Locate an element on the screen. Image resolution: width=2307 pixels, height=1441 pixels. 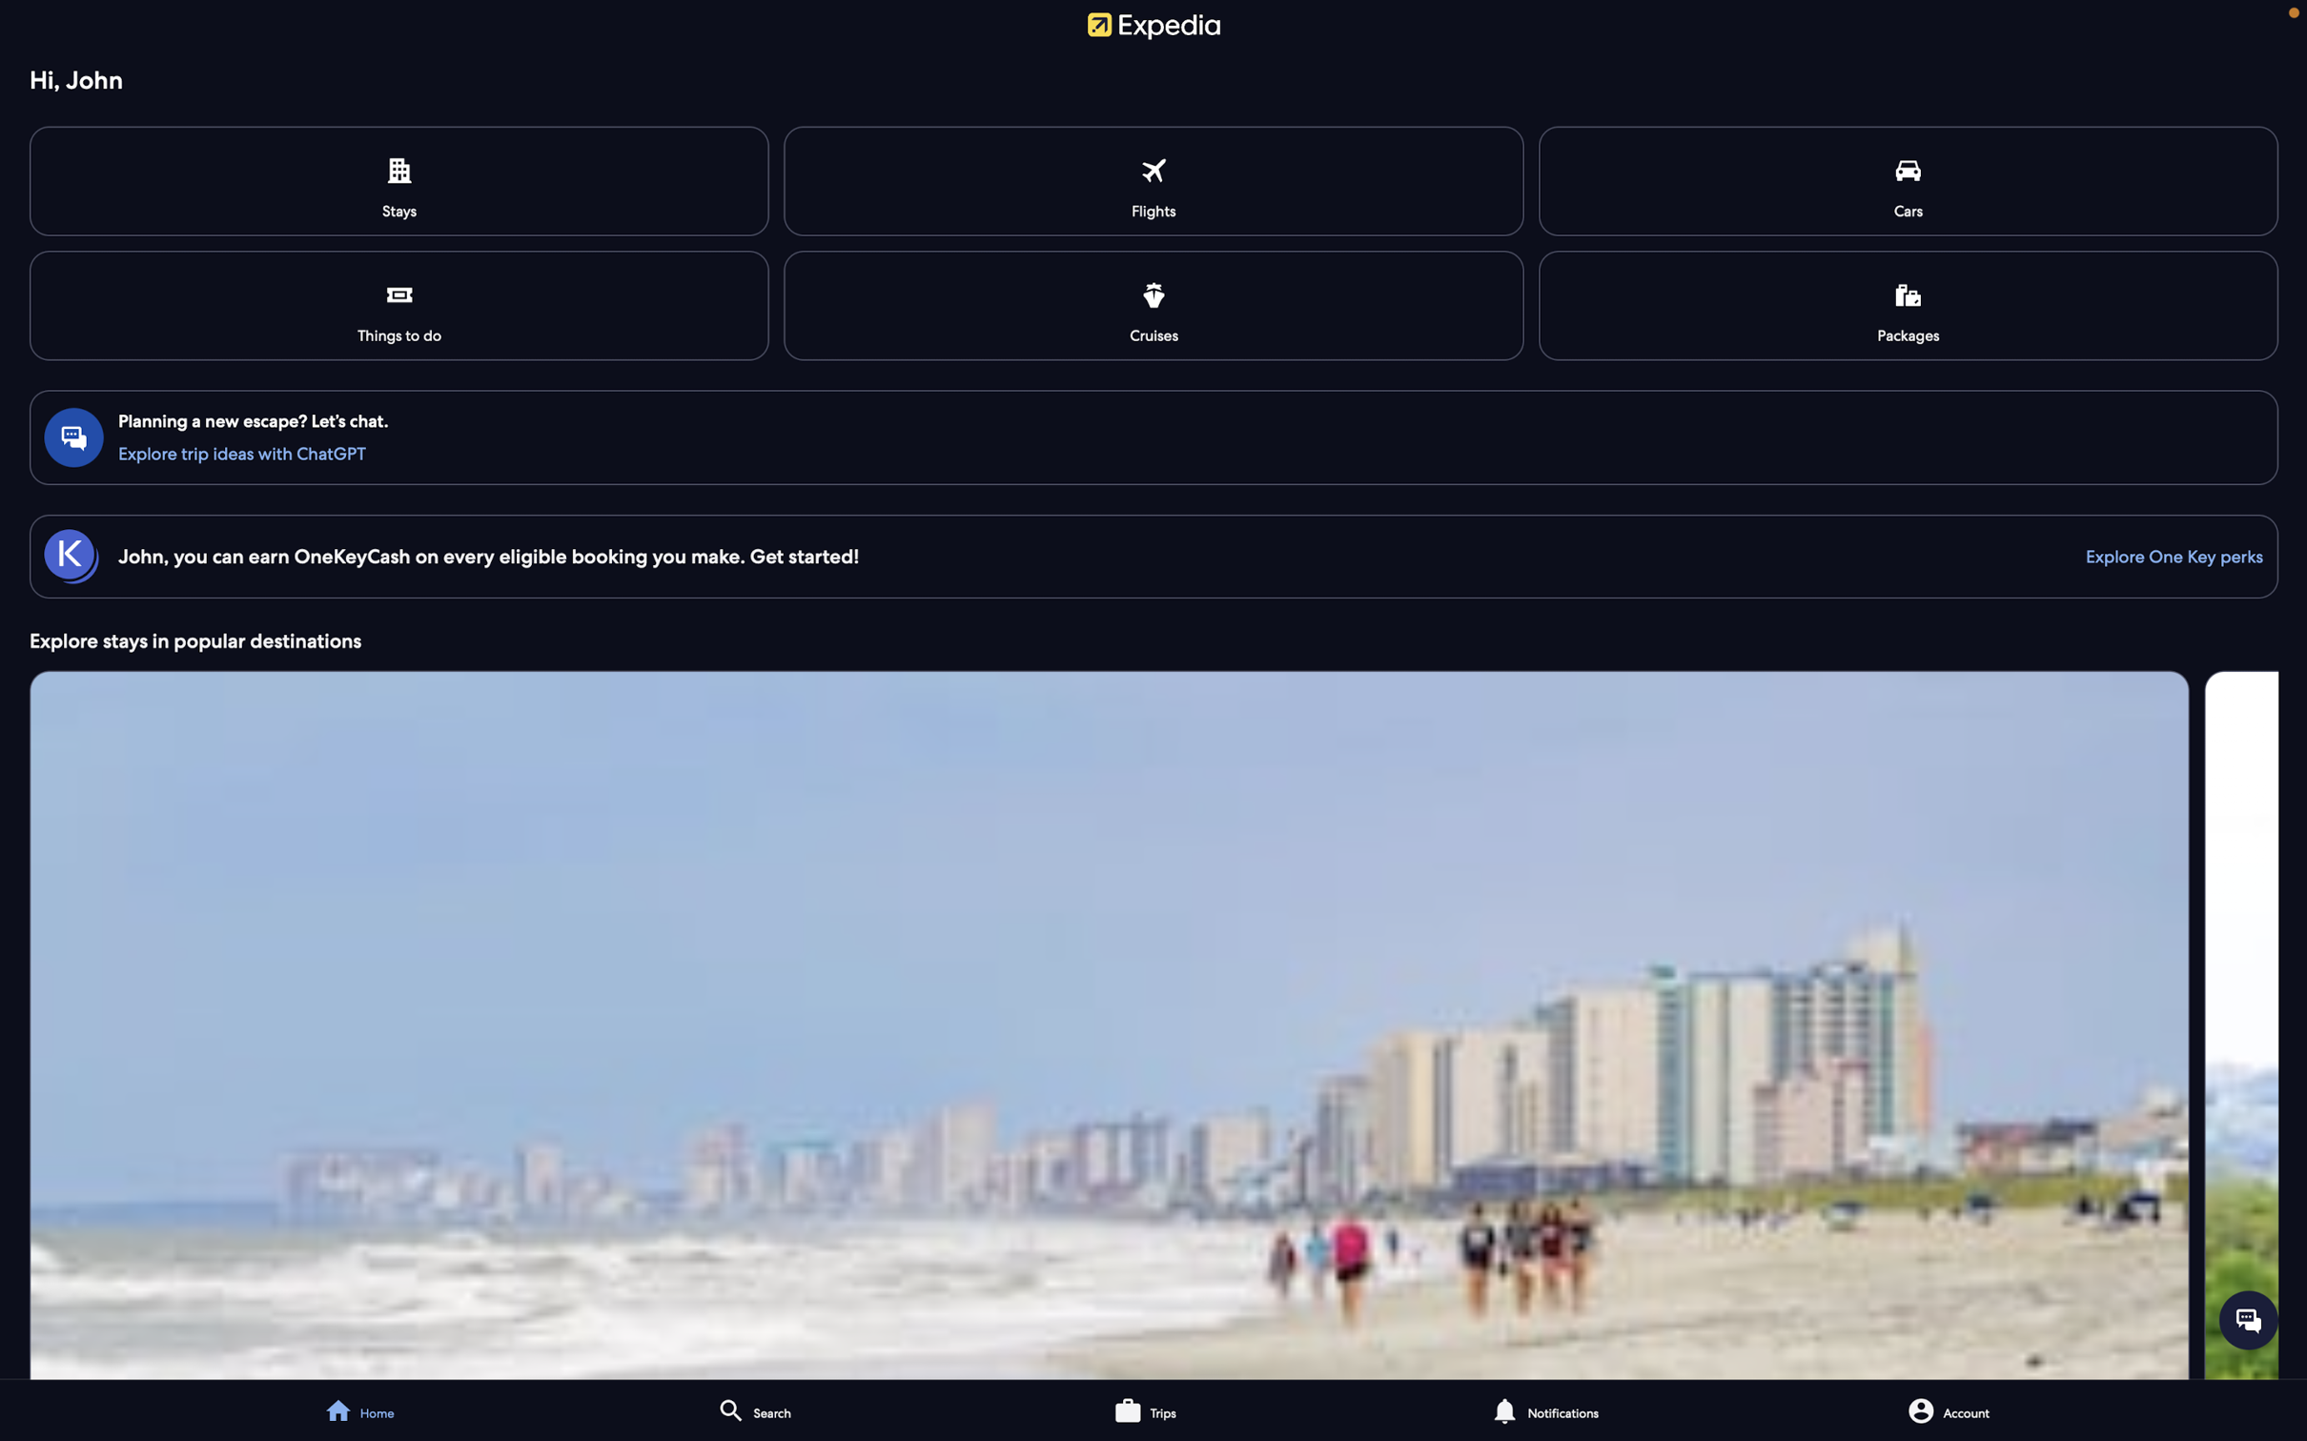
View and book available cruises is located at coordinates (1153, 303).